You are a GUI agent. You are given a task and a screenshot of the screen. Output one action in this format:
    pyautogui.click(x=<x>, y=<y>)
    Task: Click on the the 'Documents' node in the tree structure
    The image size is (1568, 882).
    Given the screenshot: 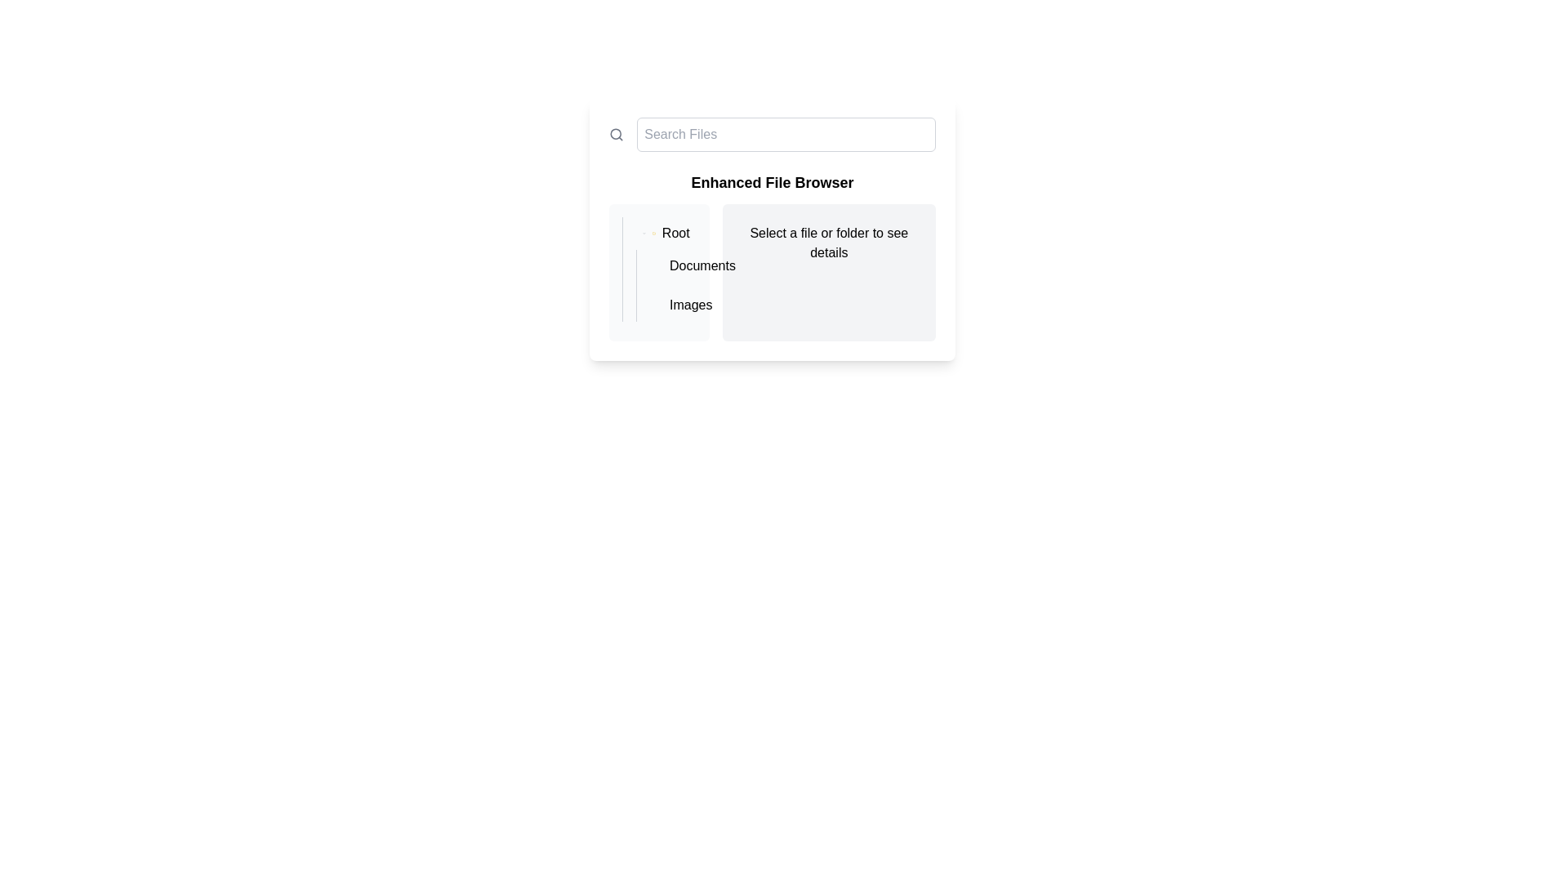 What is the action you would take?
    pyautogui.click(x=659, y=269)
    